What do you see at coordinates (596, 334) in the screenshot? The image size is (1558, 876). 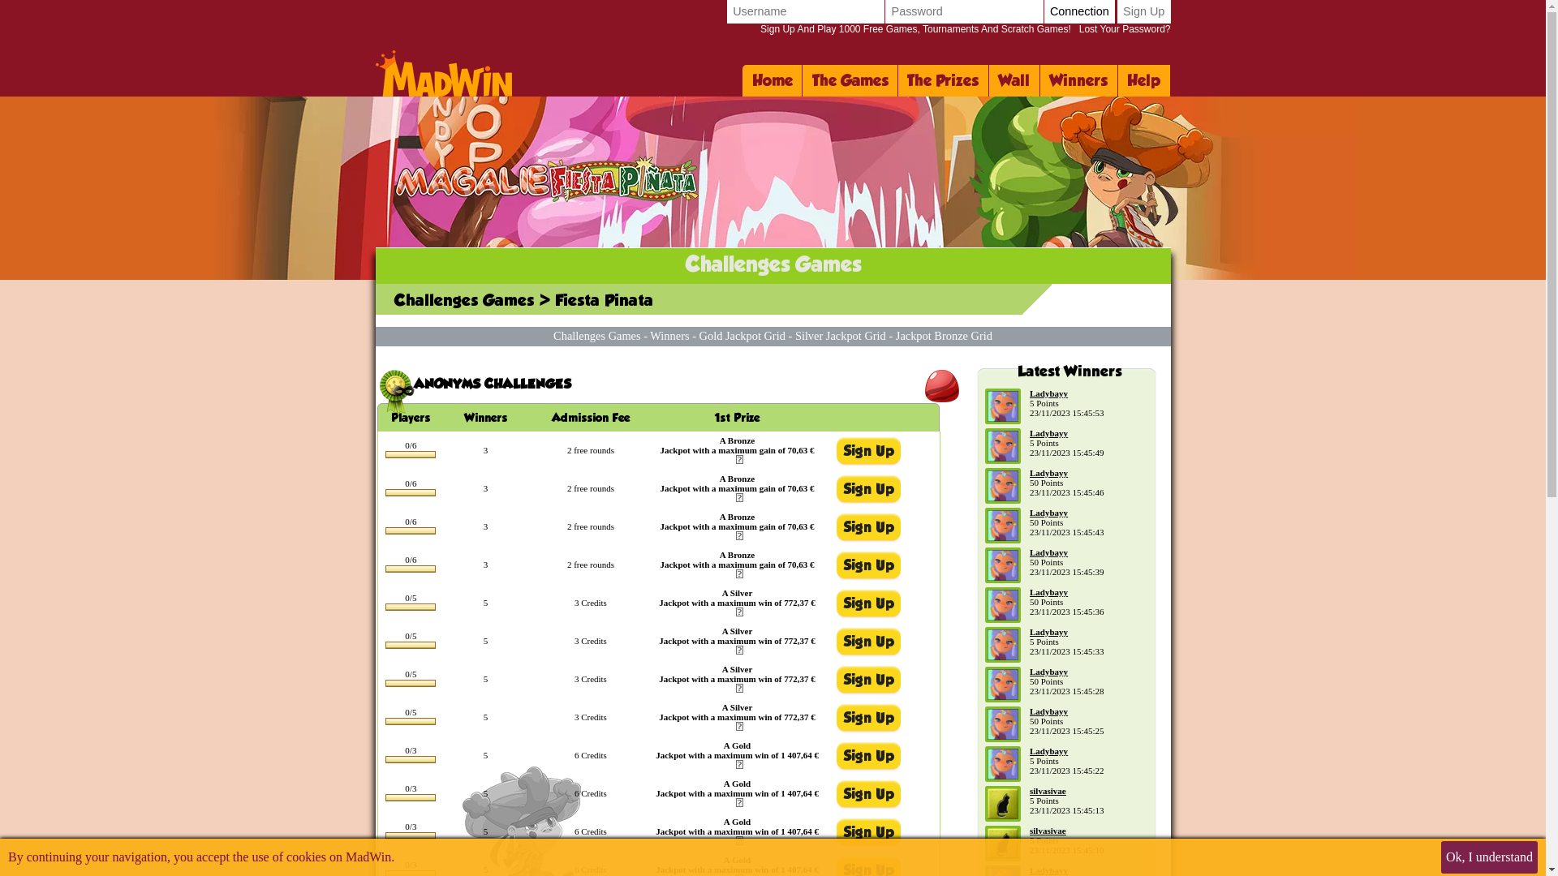 I see `'Challenges Games'` at bounding box center [596, 334].